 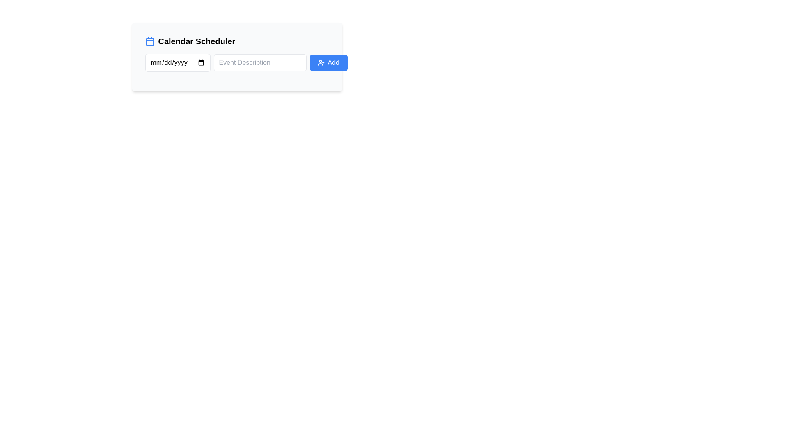 I want to click on the first Date Input Field located in the horizontal layout group on the left side to focus on it, so click(x=177, y=62).